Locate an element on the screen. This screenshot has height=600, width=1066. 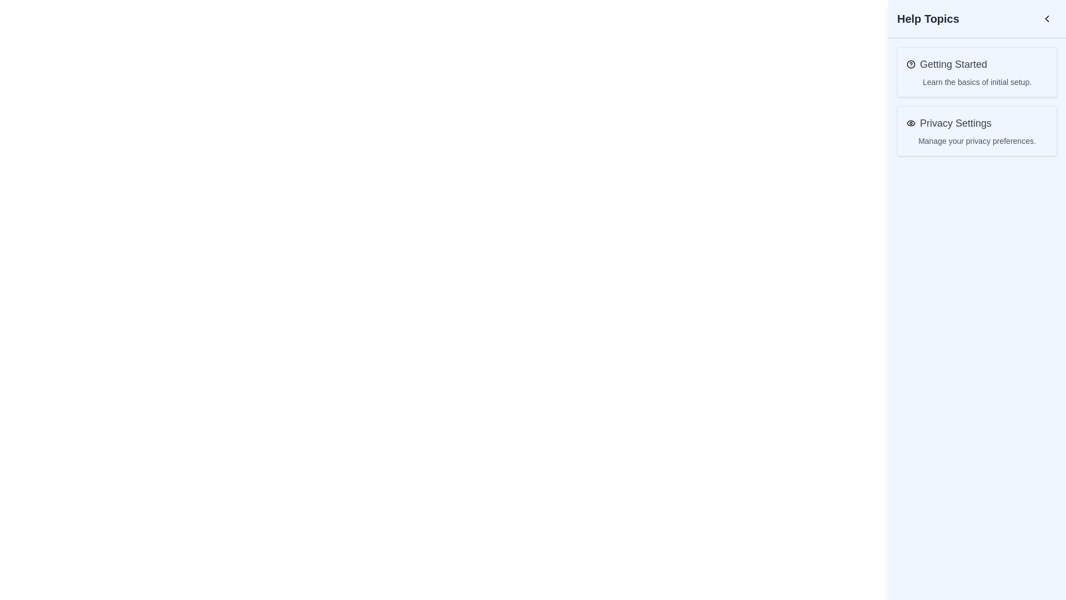
the help indicator icon located to the left of the 'Getting Started' text in the sidebar to activate the tooltip is located at coordinates (911, 64).